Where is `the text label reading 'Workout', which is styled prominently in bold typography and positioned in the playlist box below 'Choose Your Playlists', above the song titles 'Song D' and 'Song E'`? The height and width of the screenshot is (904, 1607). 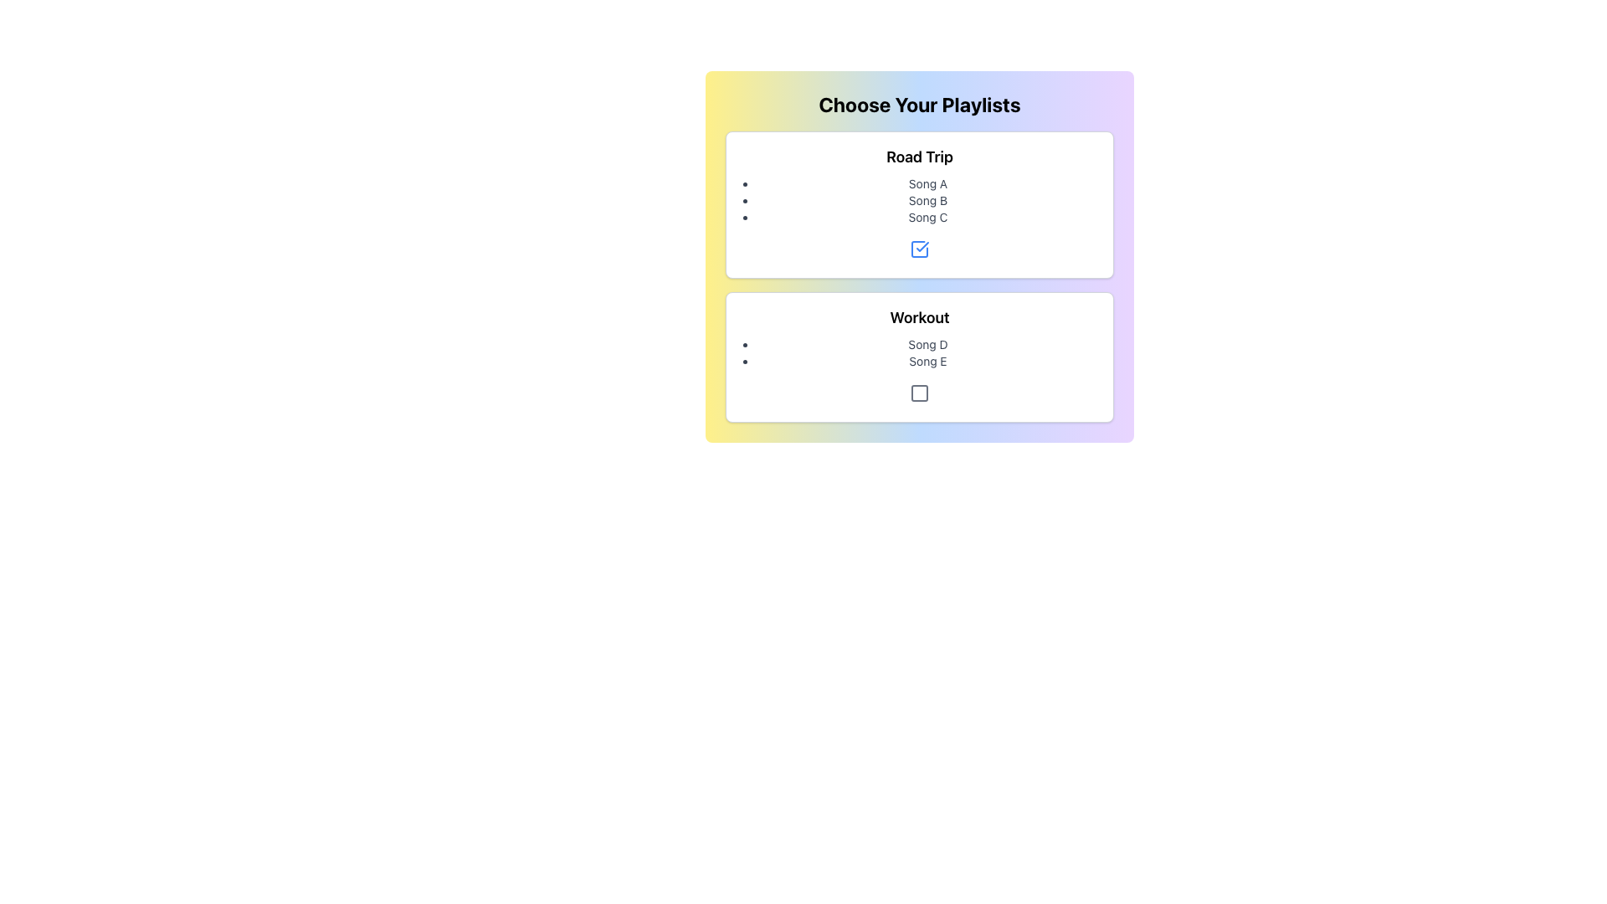
the text label reading 'Workout', which is styled prominently in bold typography and positioned in the playlist box below 'Choose Your Playlists', above the song titles 'Song D' and 'Song E' is located at coordinates (919, 318).